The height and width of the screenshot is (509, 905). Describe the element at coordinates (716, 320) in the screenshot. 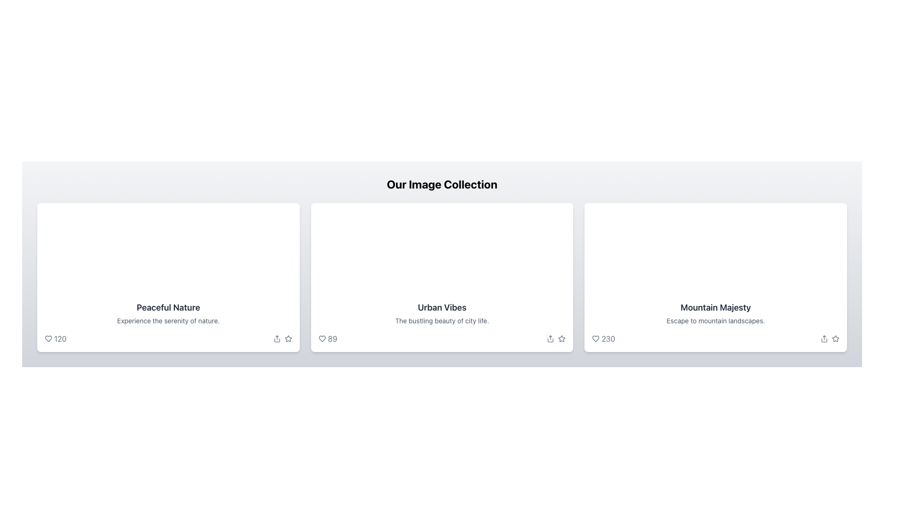

I see `the text label that says 'Escape to mountain landscapes.' which is styled in gray color and located within the card labeled 'Mountain Majesty.'` at that location.